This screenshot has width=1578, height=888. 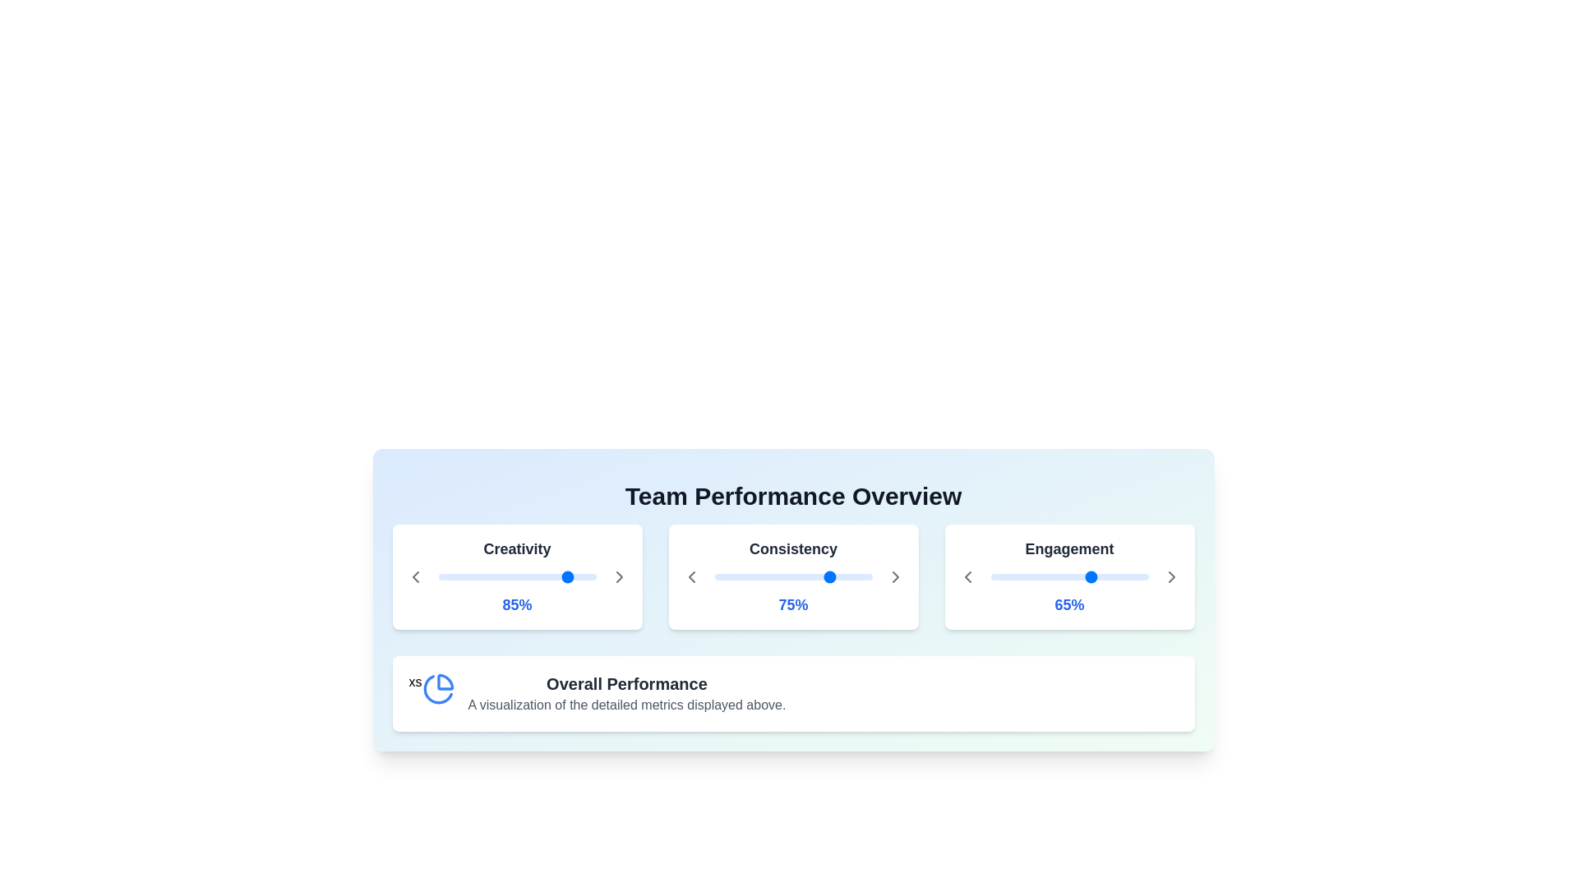 What do you see at coordinates (618, 576) in the screenshot?
I see `the rightward navigation arrow icon located in the top-right corner of the 'Creativity' card` at bounding box center [618, 576].